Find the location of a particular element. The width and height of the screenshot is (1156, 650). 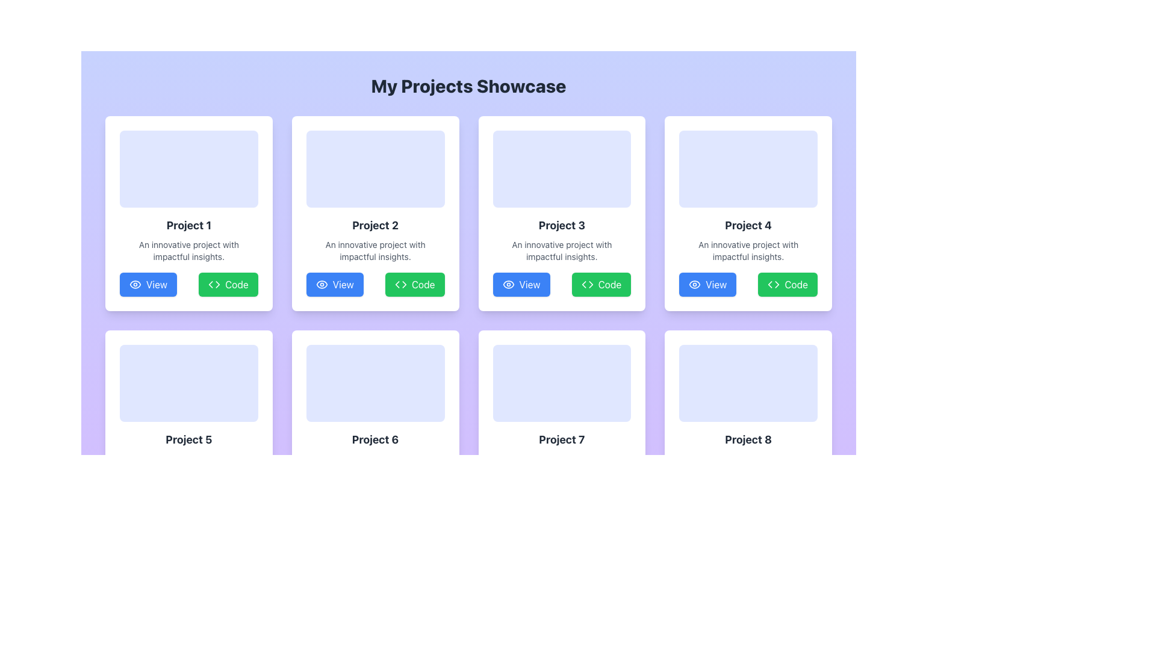

the descriptive text label located below the title in the 'Project 2' card is located at coordinates (374, 250).